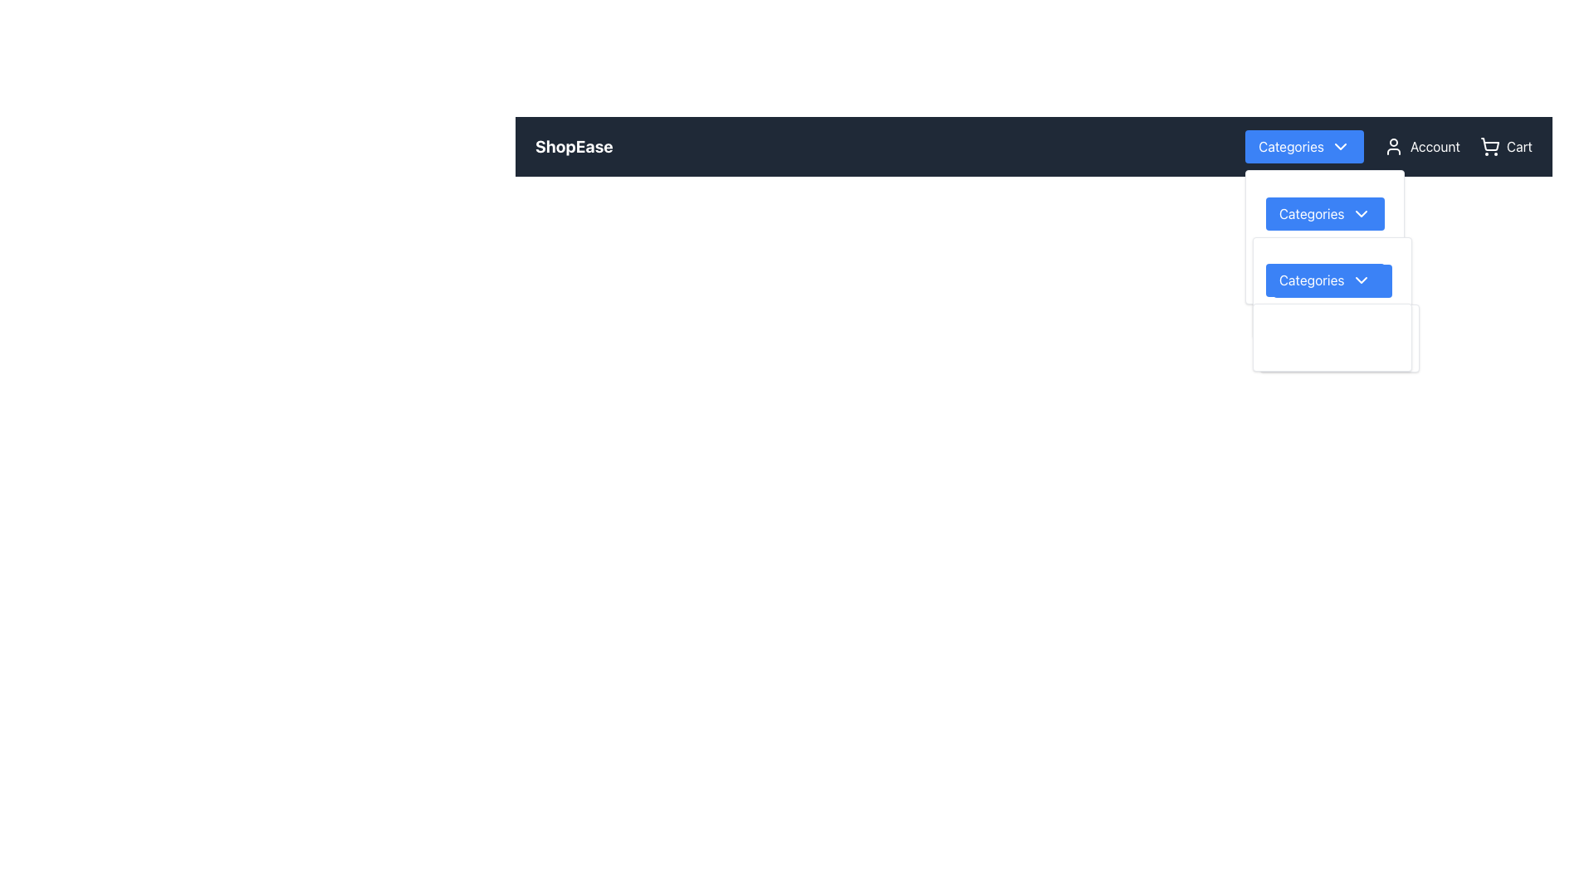 Image resolution: width=1594 pixels, height=896 pixels. Describe the element at coordinates (574, 146) in the screenshot. I see `the 'ShopEase' logo text at the left start of the header` at that location.